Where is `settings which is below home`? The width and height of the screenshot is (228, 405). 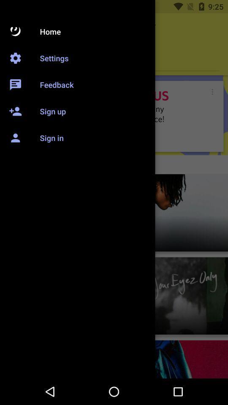 settings which is below home is located at coordinates (114, 59).